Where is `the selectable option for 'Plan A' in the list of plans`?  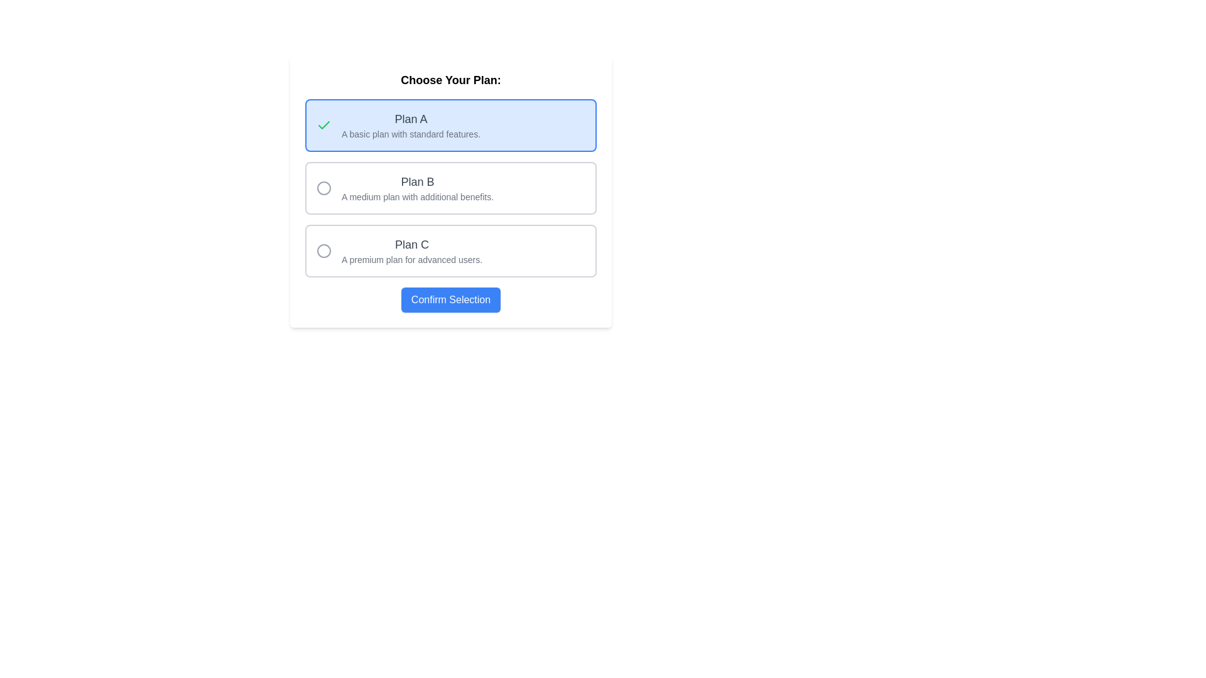
the selectable option for 'Plan A' in the list of plans is located at coordinates (411, 126).